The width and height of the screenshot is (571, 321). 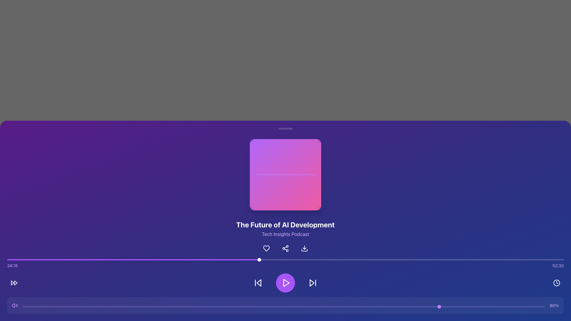 I want to click on the slider position, so click(x=189, y=307).